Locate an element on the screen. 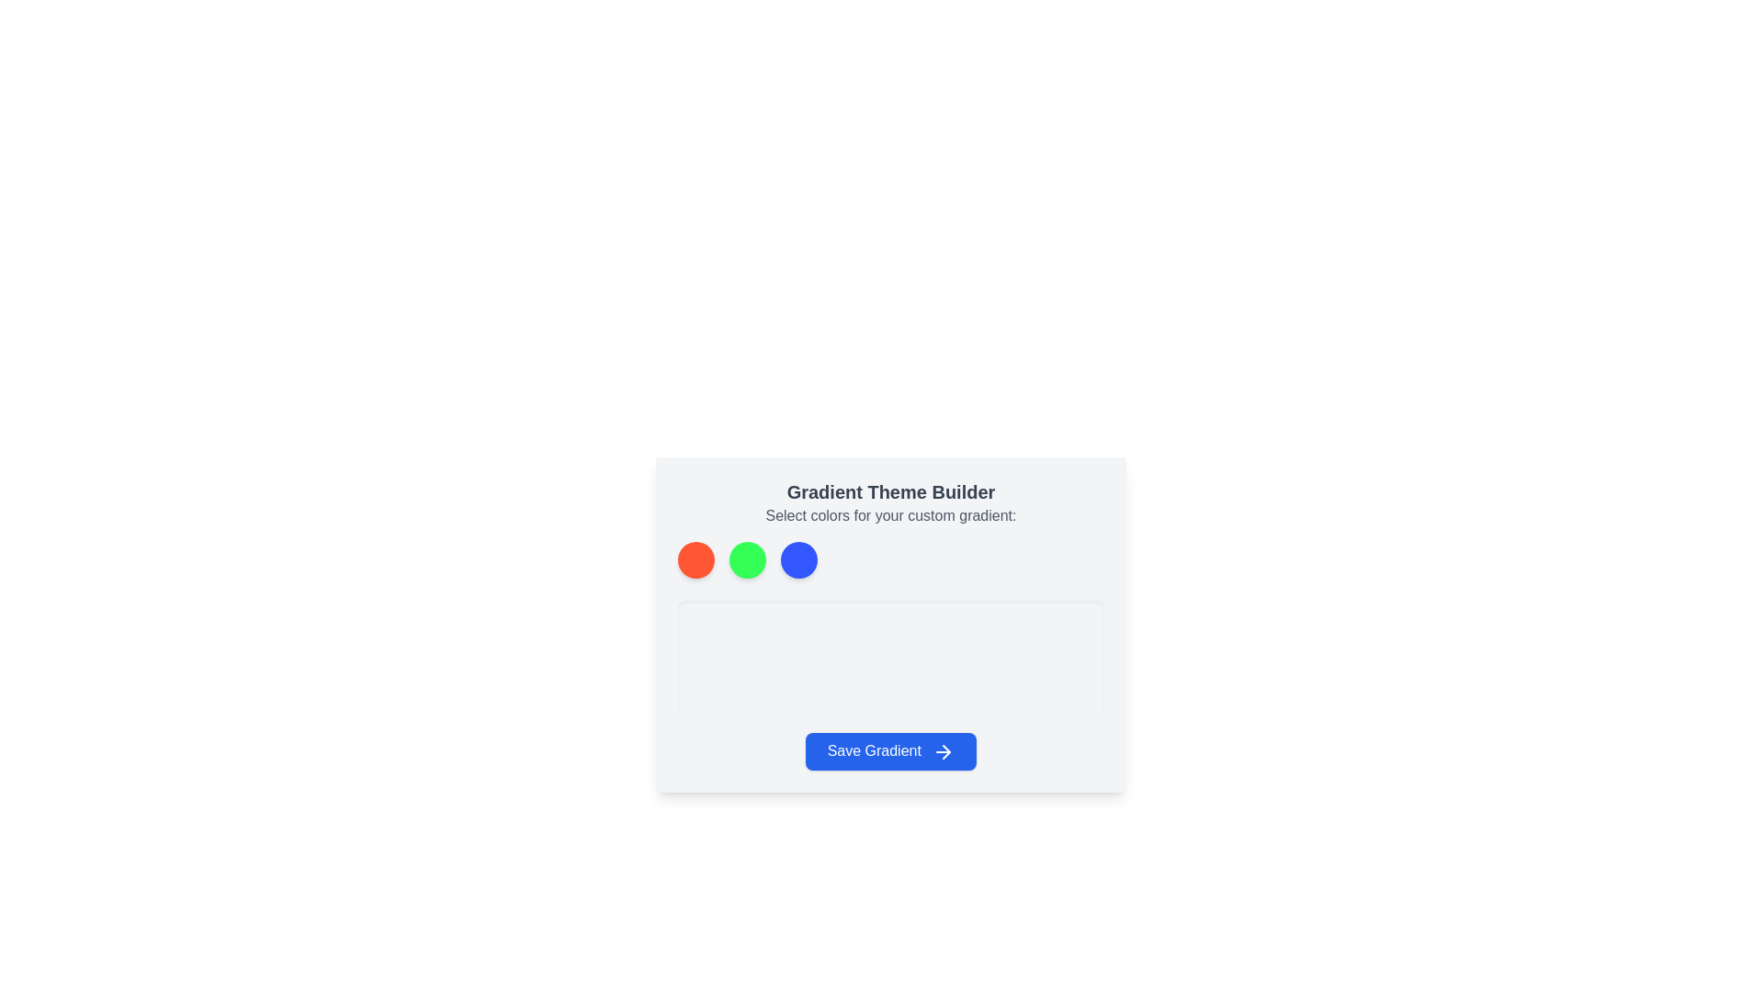 The width and height of the screenshot is (1764, 992). the second circular button in a group of three horizontally aligned buttons to observe any visual feedback is located at coordinates (748, 558).